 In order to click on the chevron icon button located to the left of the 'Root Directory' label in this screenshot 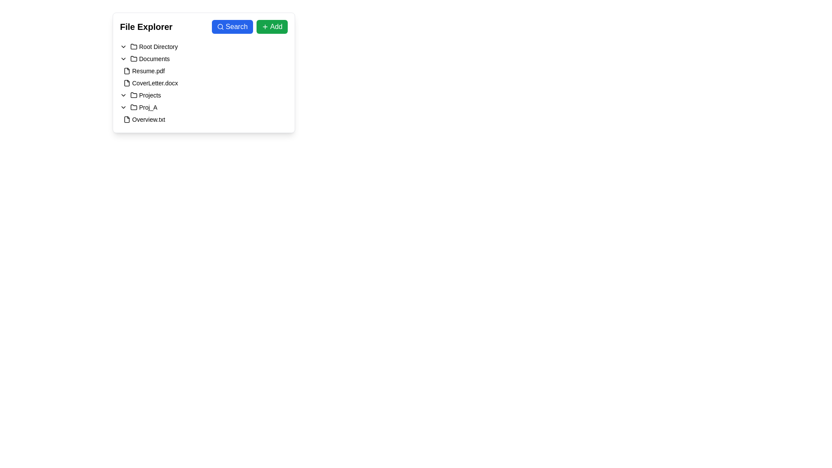, I will do `click(123, 47)`.